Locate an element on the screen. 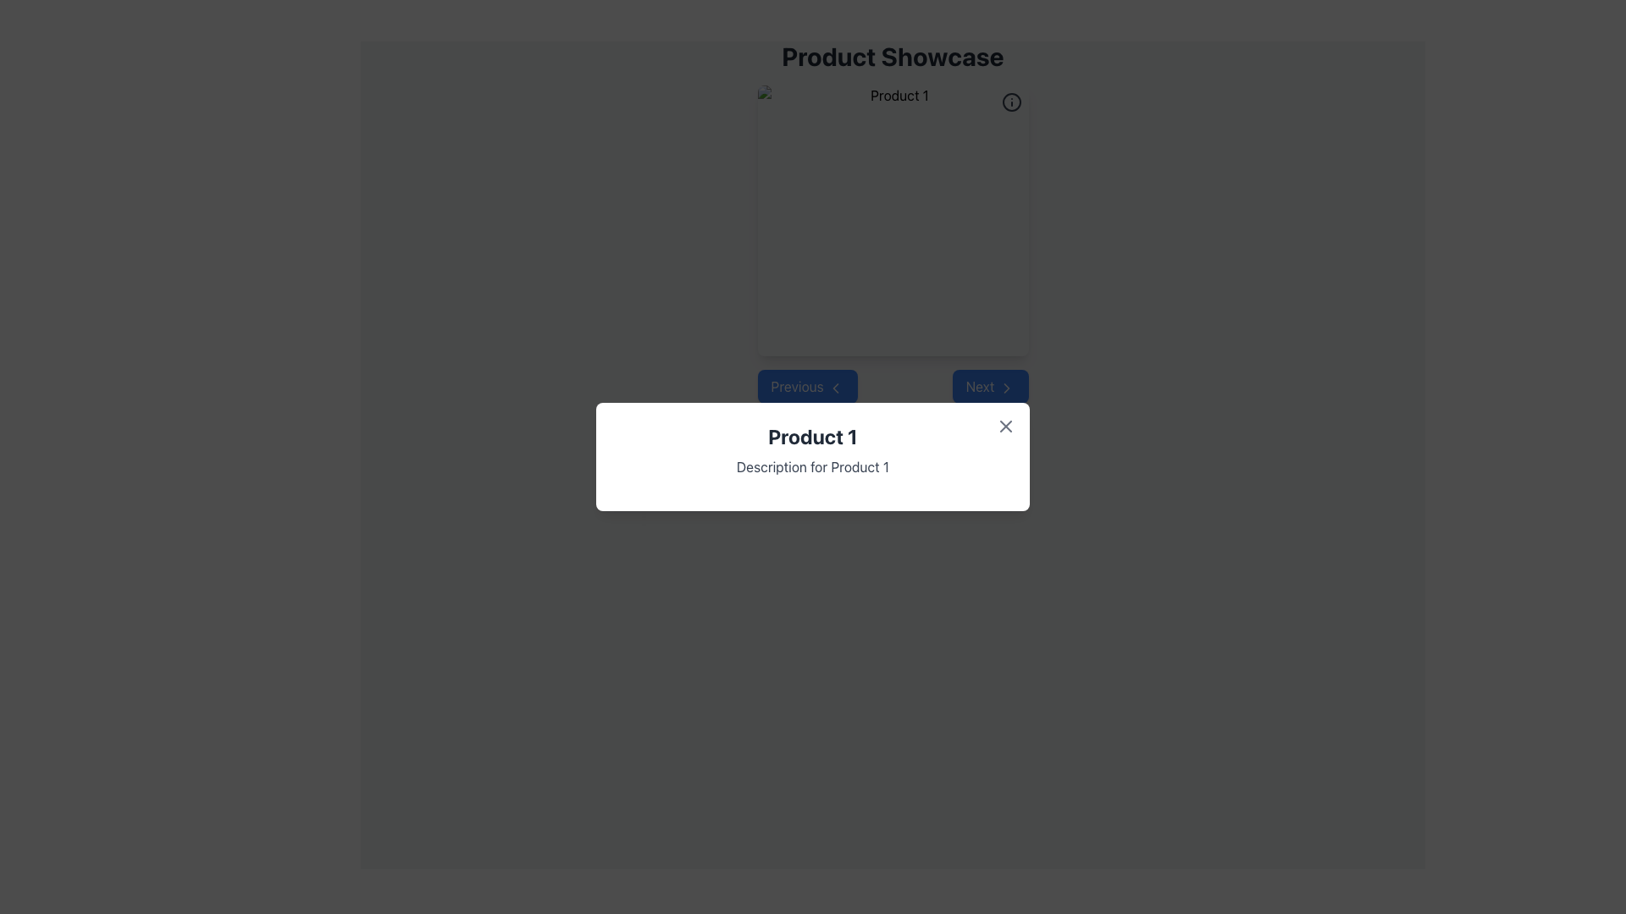  the close button styled as an 'X' symbol located in the top-right corner of the modal adjacent to the title text 'Product 1' is located at coordinates (1006, 426).